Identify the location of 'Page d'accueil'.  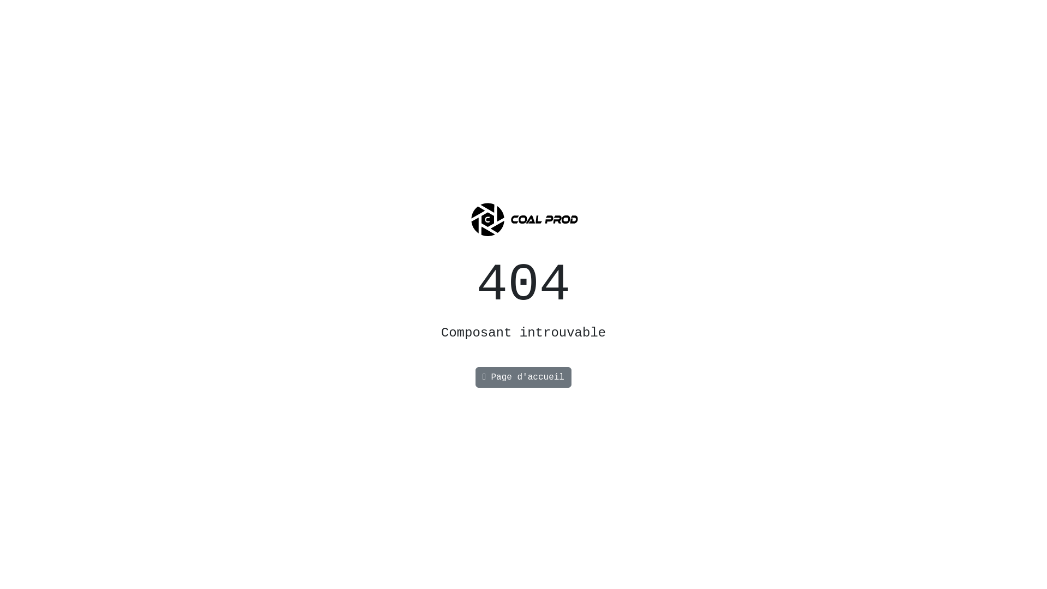
(523, 376).